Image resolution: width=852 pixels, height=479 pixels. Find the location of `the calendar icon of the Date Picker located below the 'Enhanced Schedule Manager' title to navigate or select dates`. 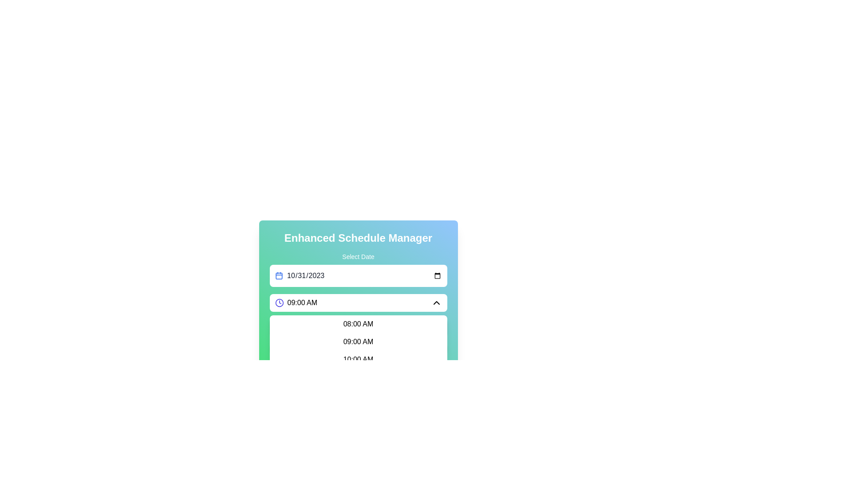

the calendar icon of the Date Picker located below the 'Enhanced Schedule Manager' title to navigate or select dates is located at coordinates (358, 269).